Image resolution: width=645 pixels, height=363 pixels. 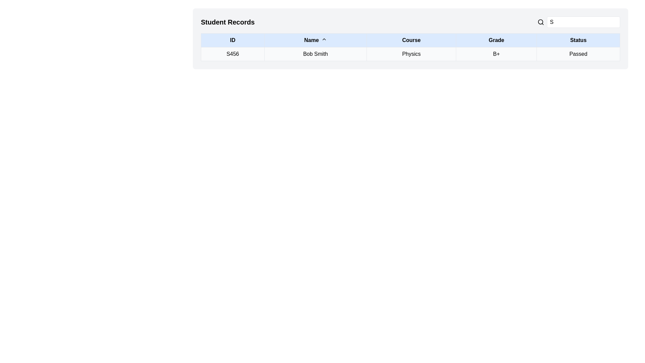 I want to click on the sortable table header for the 'Name' column to sort the entries by name, so click(x=315, y=40).